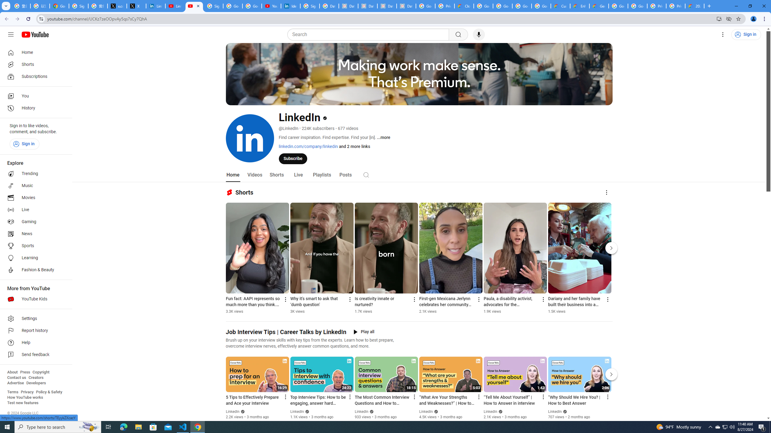  What do you see at coordinates (637, 6) in the screenshot?
I see `'Google Cloud Platform'` at bounding box center [637, 6].